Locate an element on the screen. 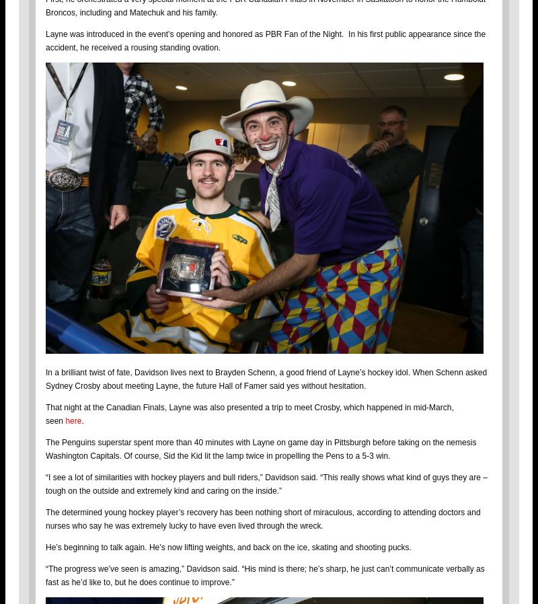  'The determined young hockey player’s recovery has been nothing short of miraculous, according to attending doctors and nurses who say he was extremely lucky to have even lived through the wreck.' is located at coordinates (262, 519).